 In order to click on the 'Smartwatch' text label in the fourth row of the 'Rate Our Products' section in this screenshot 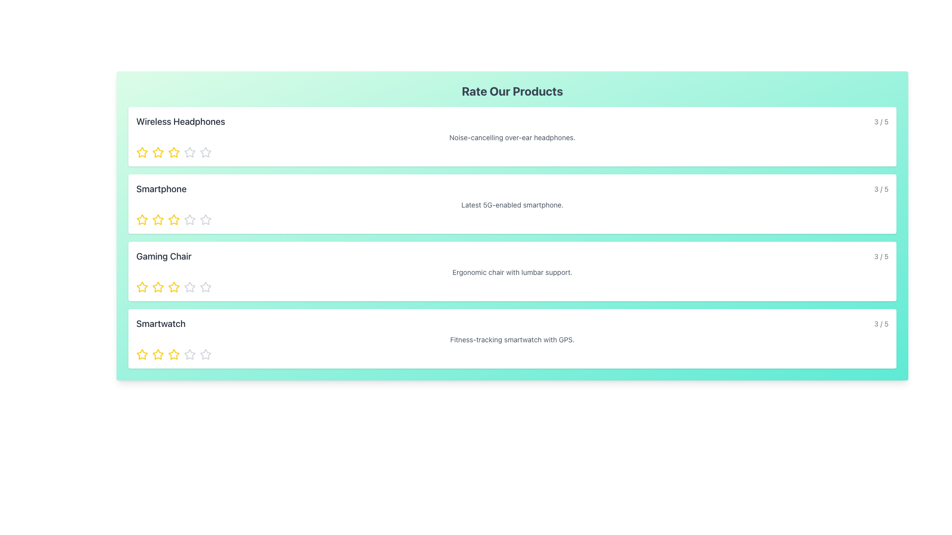, I will do `click(161, 324)`.